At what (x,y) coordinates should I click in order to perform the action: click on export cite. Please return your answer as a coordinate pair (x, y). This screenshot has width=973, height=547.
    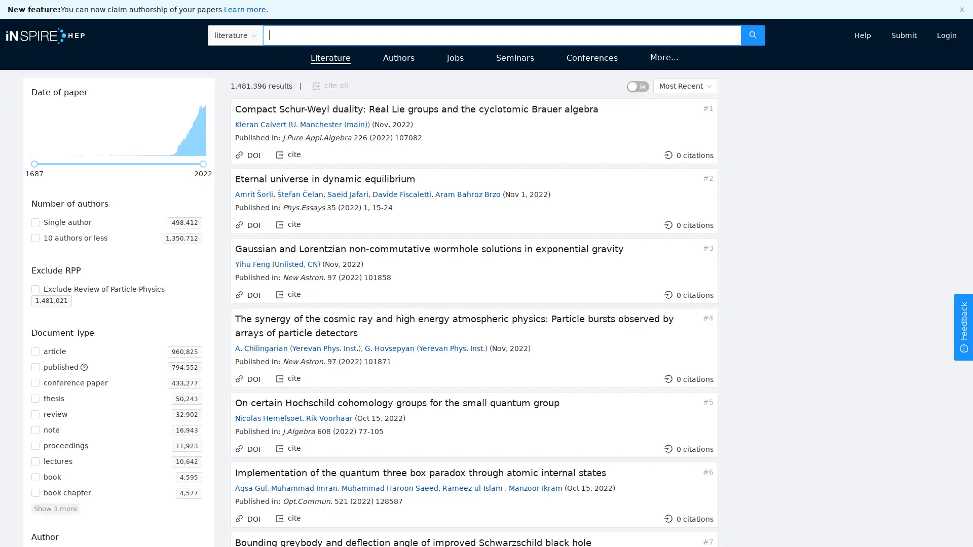
    Looking at the image, I should click on (287, 518).